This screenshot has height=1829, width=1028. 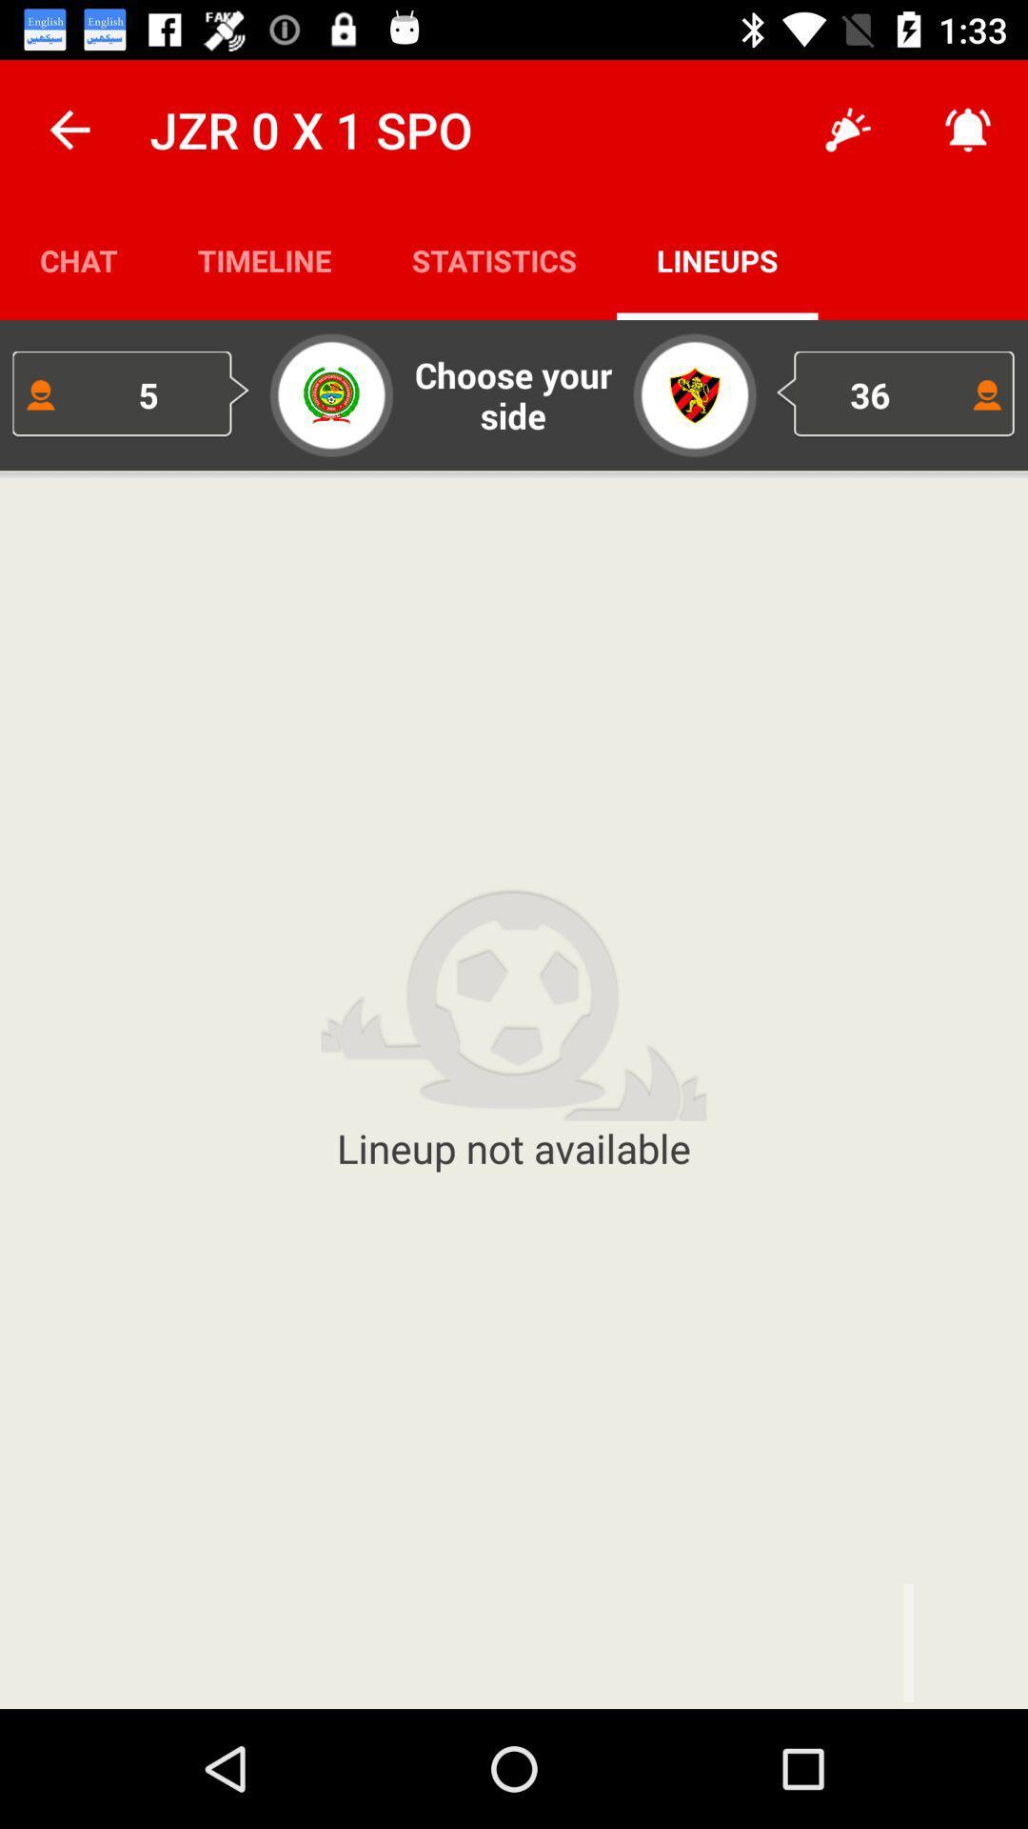 What do you see at coordinates (493, 259) in the screenshot?
I see `app next to the lineups item` at bounding box center [493, 259].